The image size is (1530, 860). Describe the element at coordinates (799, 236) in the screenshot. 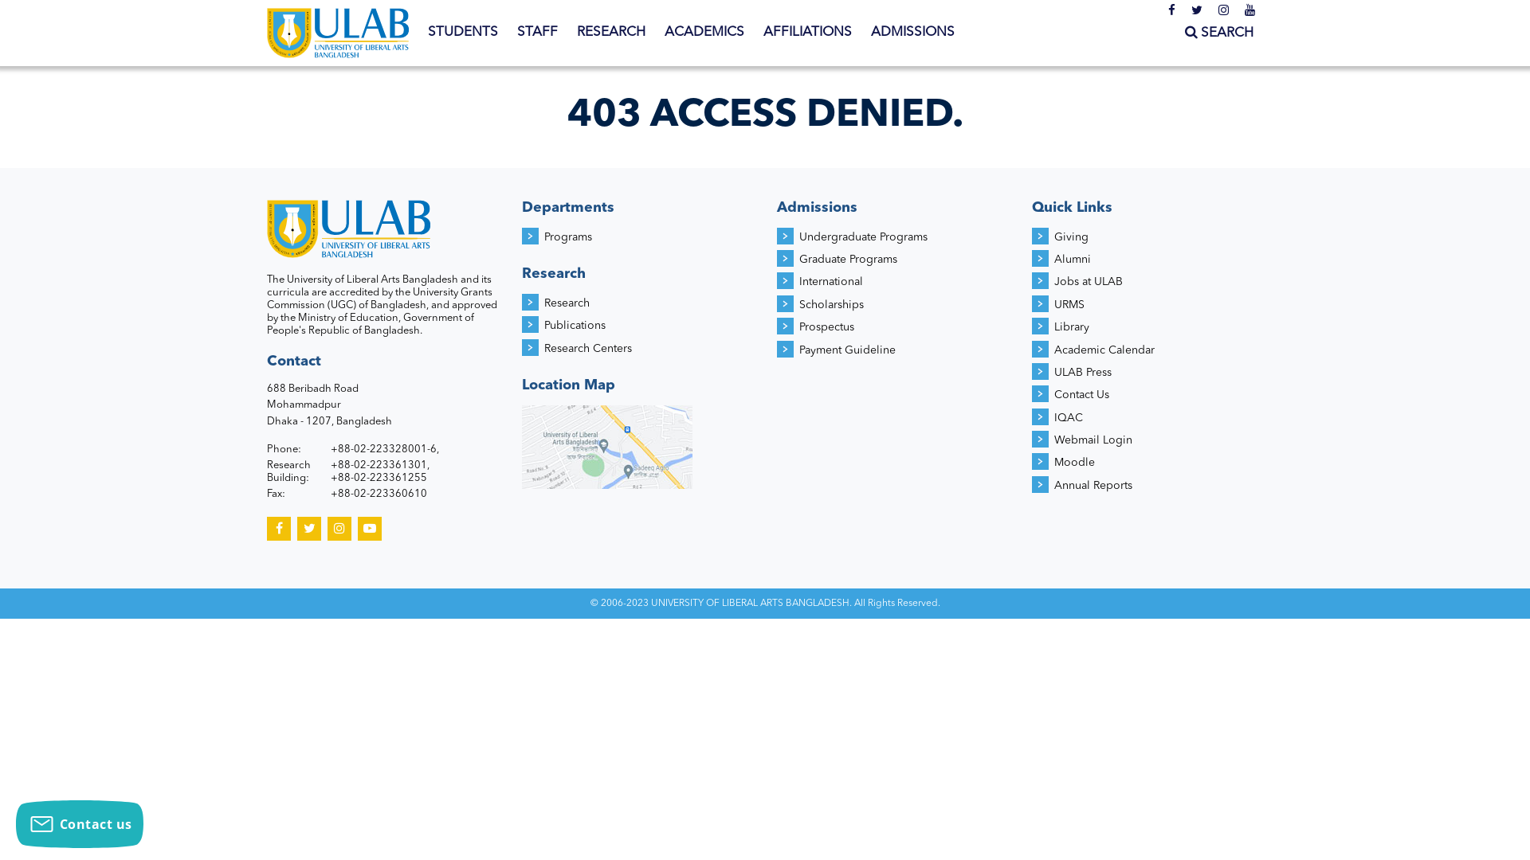

I see `'Undergraduate Programs'` at that location.